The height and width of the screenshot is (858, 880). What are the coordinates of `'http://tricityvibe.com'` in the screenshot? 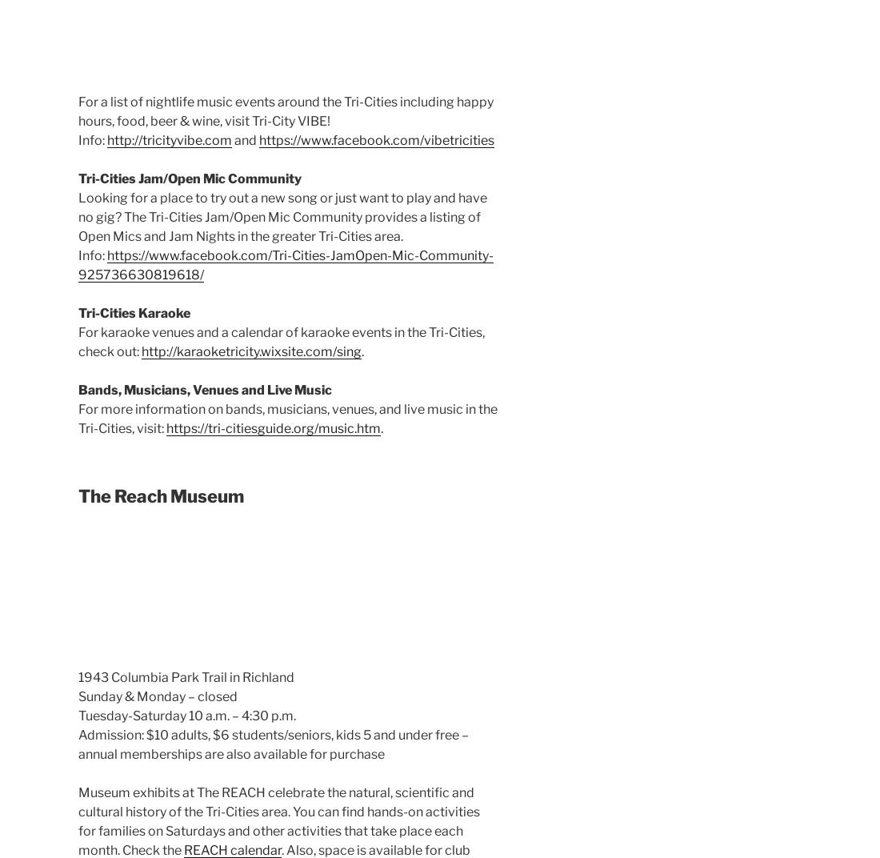 It's located at (106, 138).